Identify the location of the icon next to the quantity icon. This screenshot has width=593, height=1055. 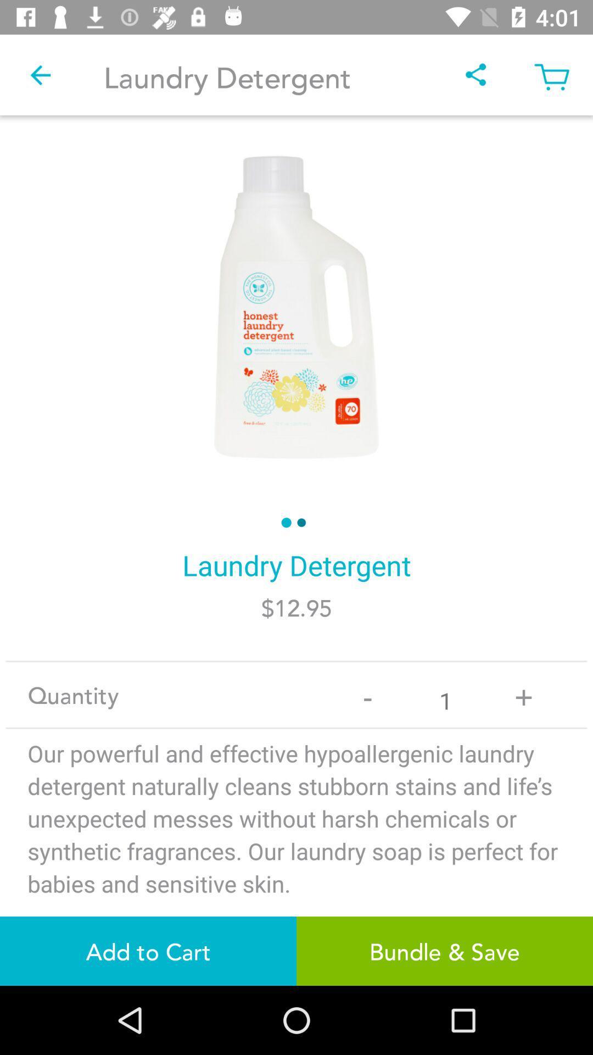
(367, 694).